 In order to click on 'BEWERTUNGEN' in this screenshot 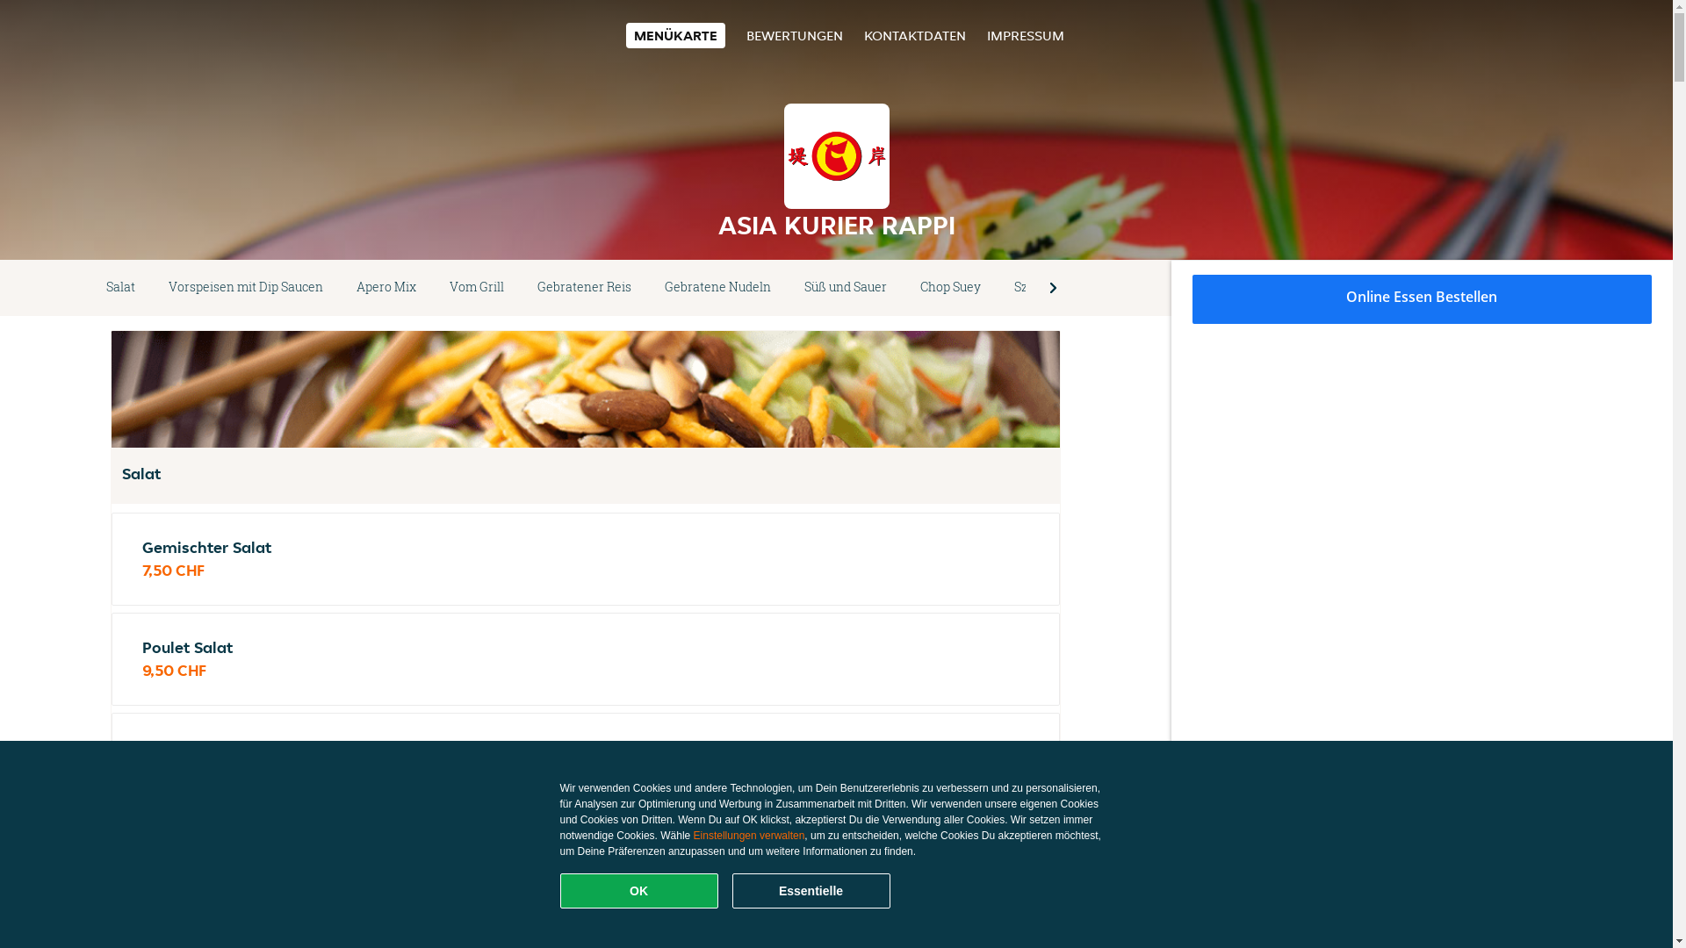, I will do `click(794, 35)`.